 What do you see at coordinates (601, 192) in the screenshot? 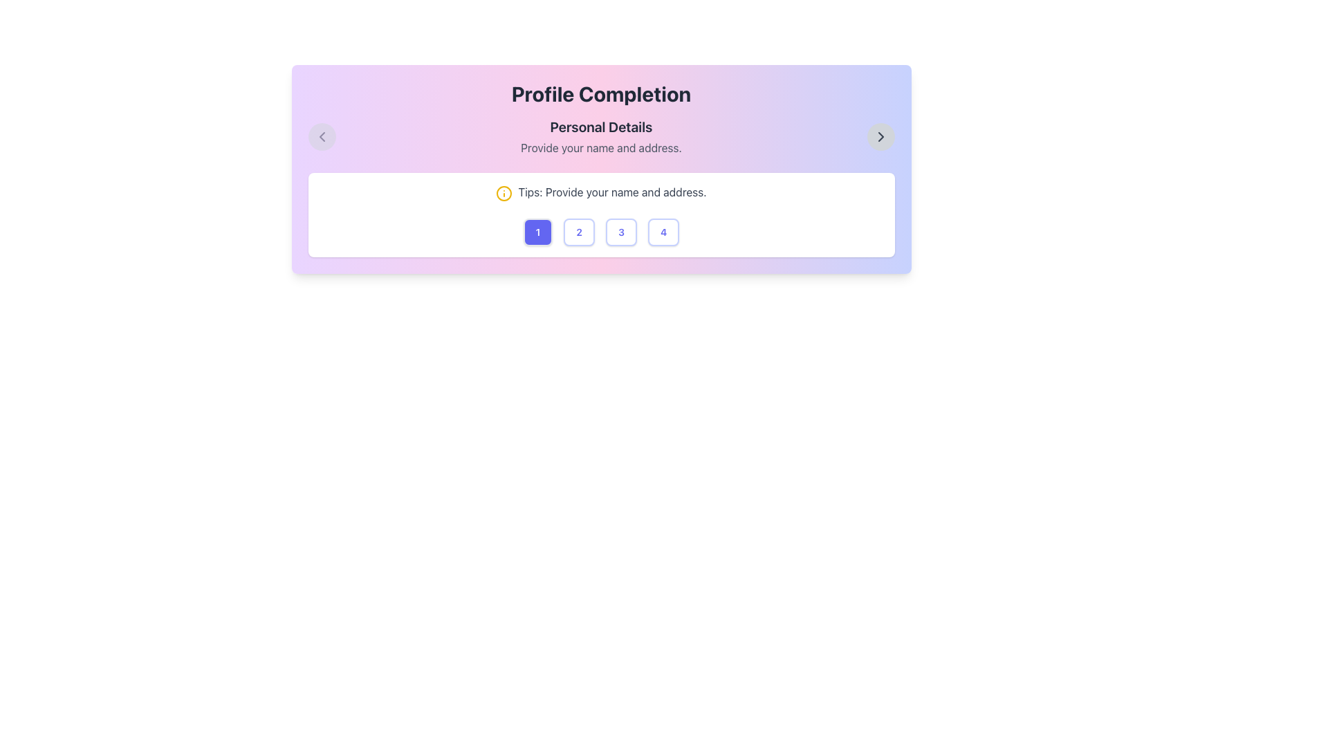
I see `informative static text element that provides tips on completing the profile, which includes an icon with an 'i' symbol and the message 'Tips: Provide your name and address.'` at bounding box center [601, 192].